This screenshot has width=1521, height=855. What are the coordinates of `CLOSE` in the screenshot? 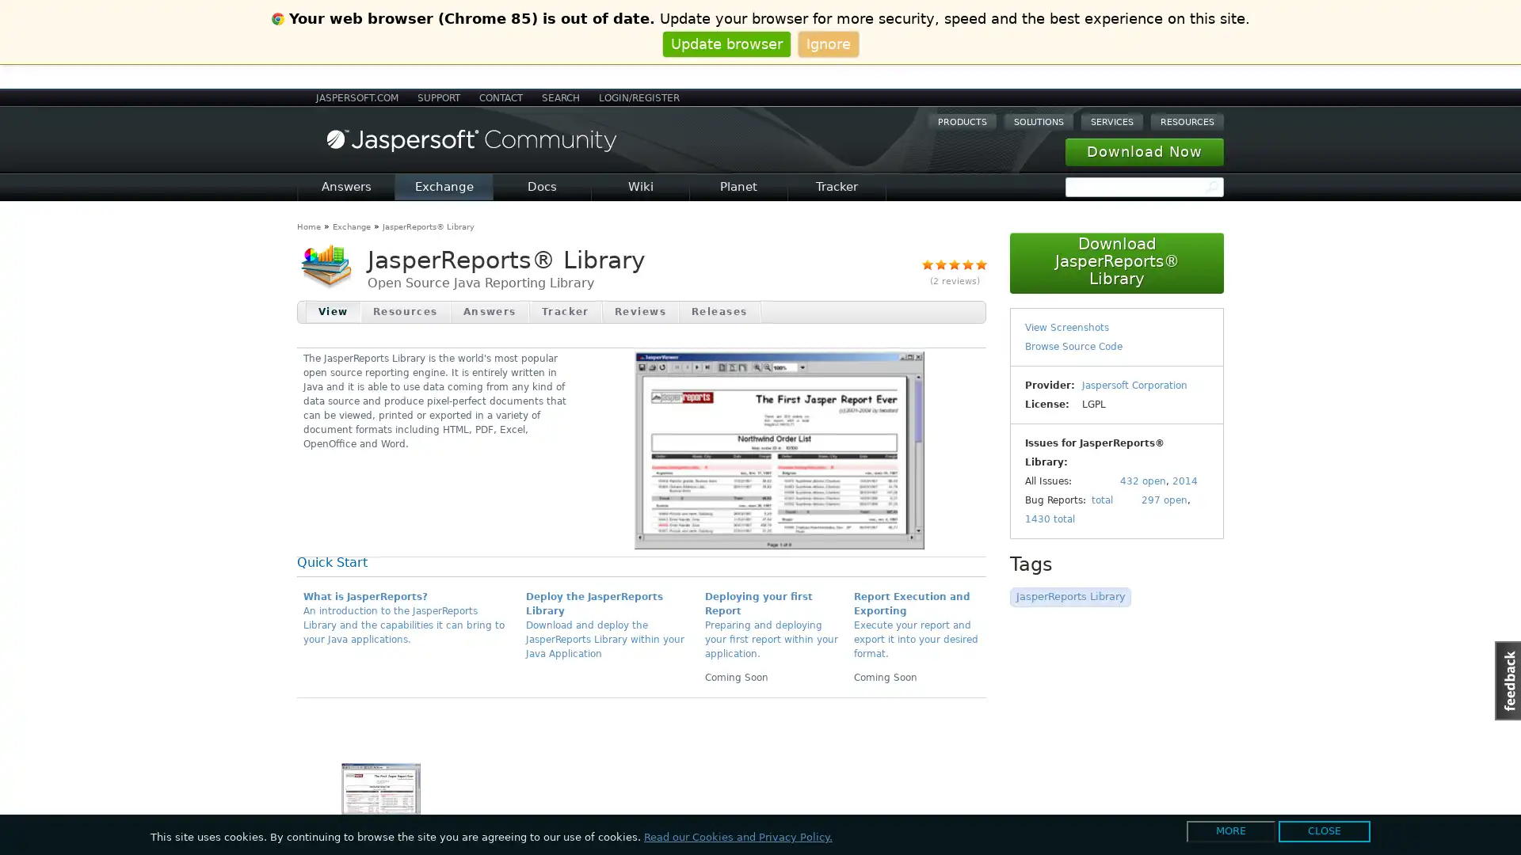 It's located at (1324, 830).